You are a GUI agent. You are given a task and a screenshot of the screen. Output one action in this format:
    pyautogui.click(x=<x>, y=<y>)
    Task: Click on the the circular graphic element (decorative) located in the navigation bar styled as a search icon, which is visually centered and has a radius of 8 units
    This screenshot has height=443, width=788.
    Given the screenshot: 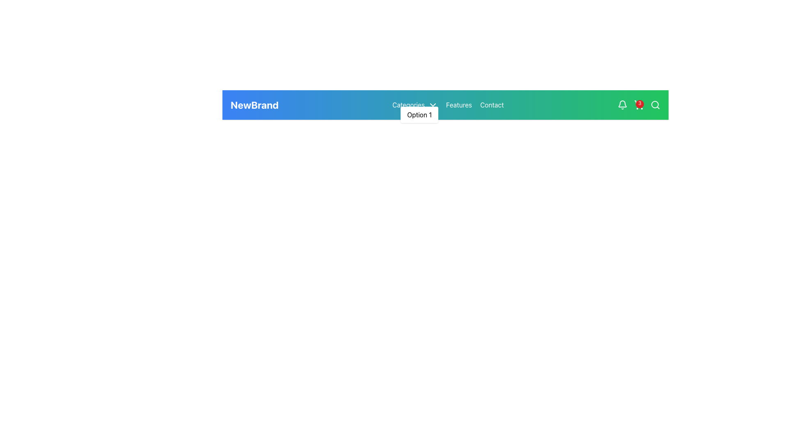 What is the action you would take?
    pyautogui.click(x=655, y=104)
    